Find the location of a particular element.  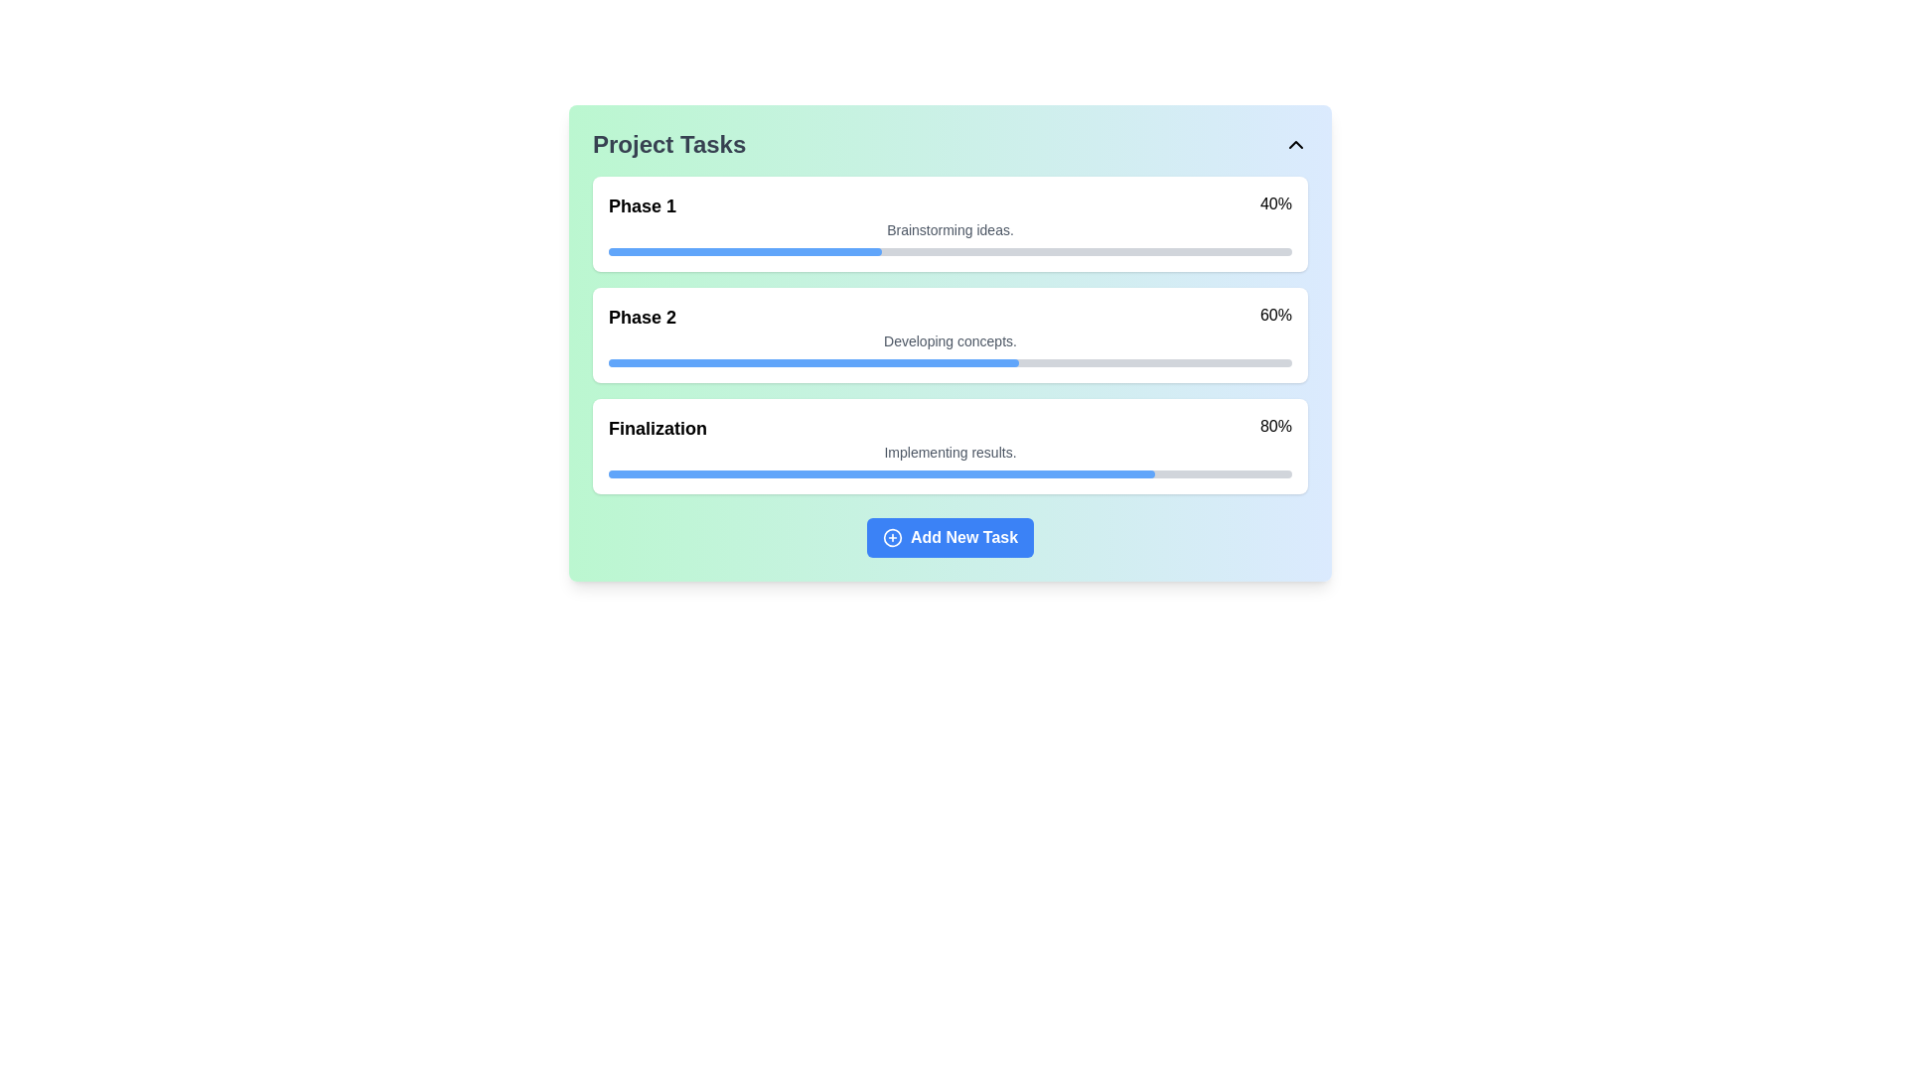

the fill section of the progress bar indicating 40% completion for 'Phase 1' is located at coordinates (744, 251).